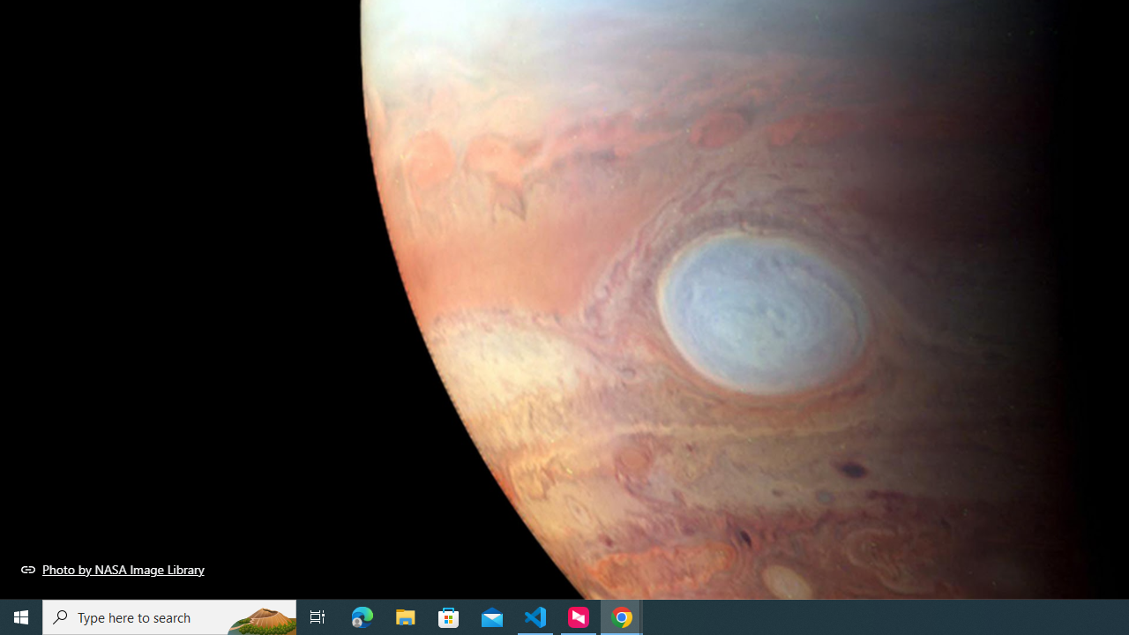 Image resolution: width=1129 pixels, height=635 pixels. I want to click on 'Photo by NASA Image Library', so click(112, 569).